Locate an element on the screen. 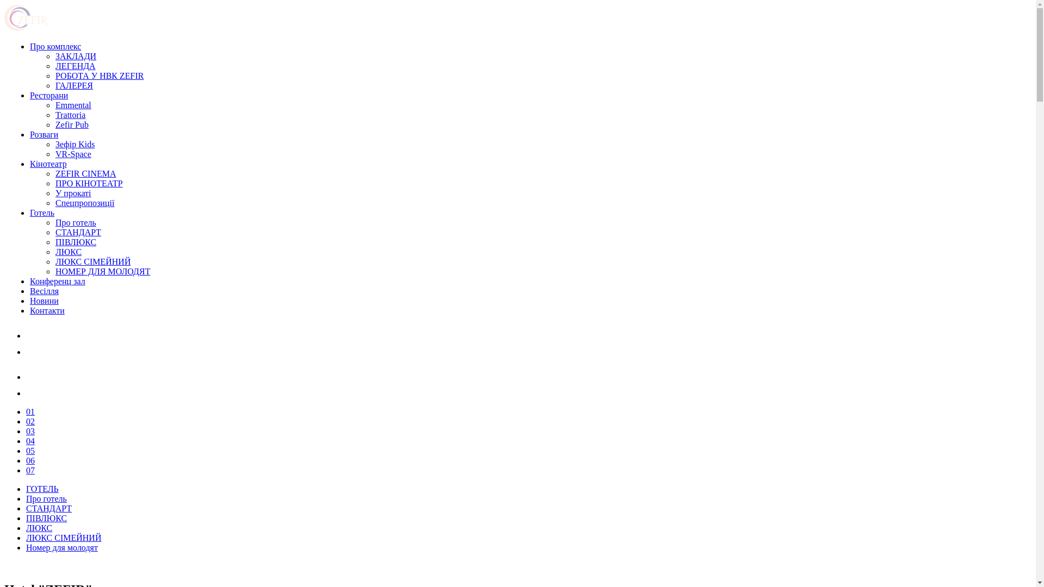 This screenshot has height=587, width=1044. '05' is located at coordinates (26, 451).